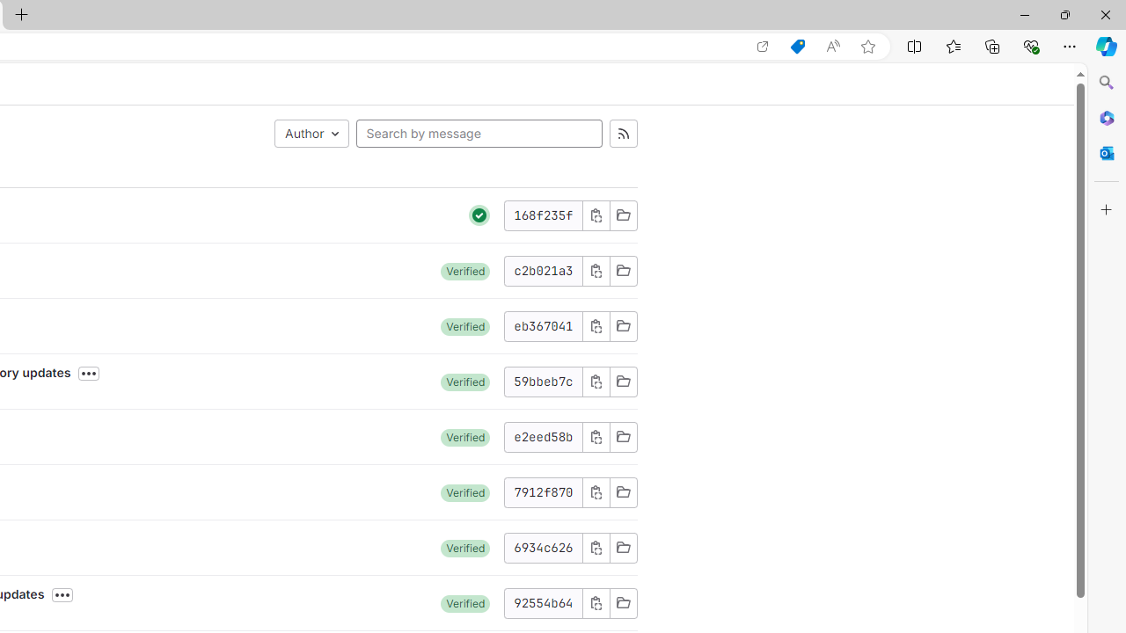 The image size is (1126, 633). I want to click on 'Copy commit SHA', so click(596, 602).